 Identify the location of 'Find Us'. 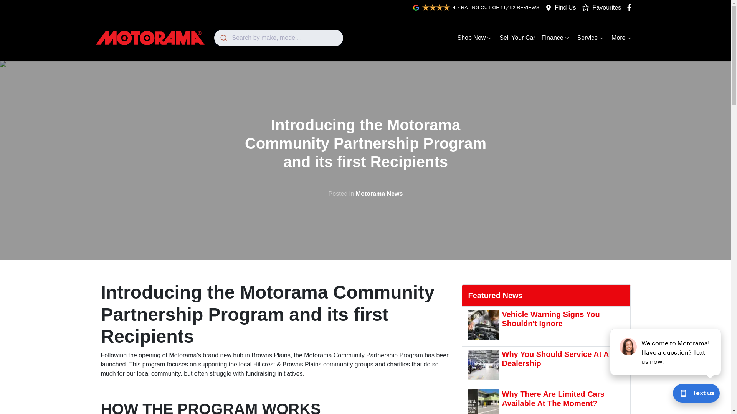
(565, 7).